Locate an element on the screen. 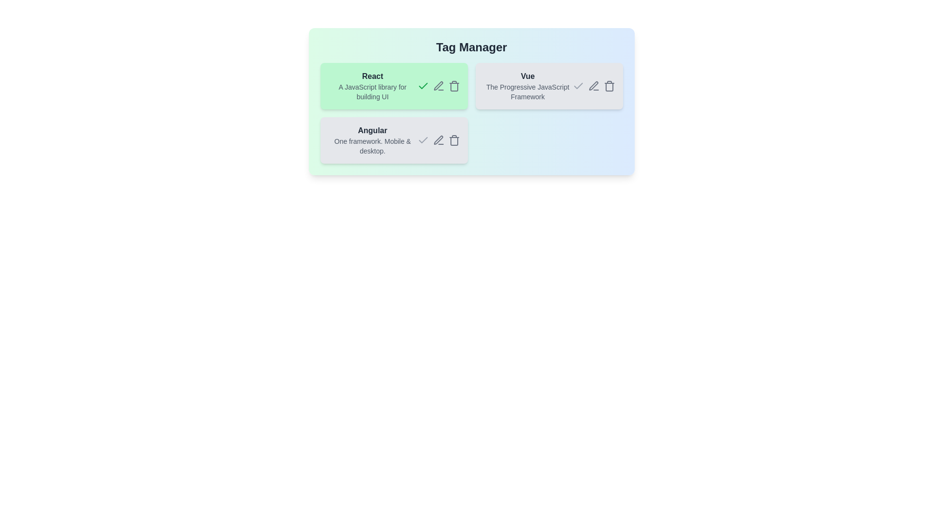  trash icon for the tag Angular to delete it is located at coordinates (453, 140).